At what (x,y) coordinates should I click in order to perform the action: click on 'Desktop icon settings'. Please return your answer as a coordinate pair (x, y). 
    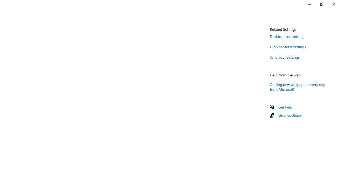
    Looking at the image, I should click on (287, 36).